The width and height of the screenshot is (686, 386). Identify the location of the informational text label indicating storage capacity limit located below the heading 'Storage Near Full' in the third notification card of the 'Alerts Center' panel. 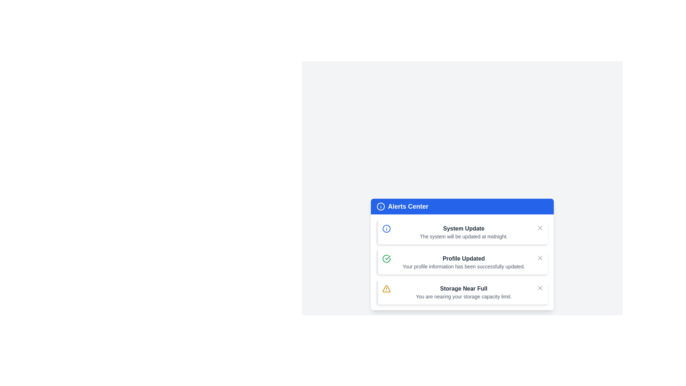
(463, 296).